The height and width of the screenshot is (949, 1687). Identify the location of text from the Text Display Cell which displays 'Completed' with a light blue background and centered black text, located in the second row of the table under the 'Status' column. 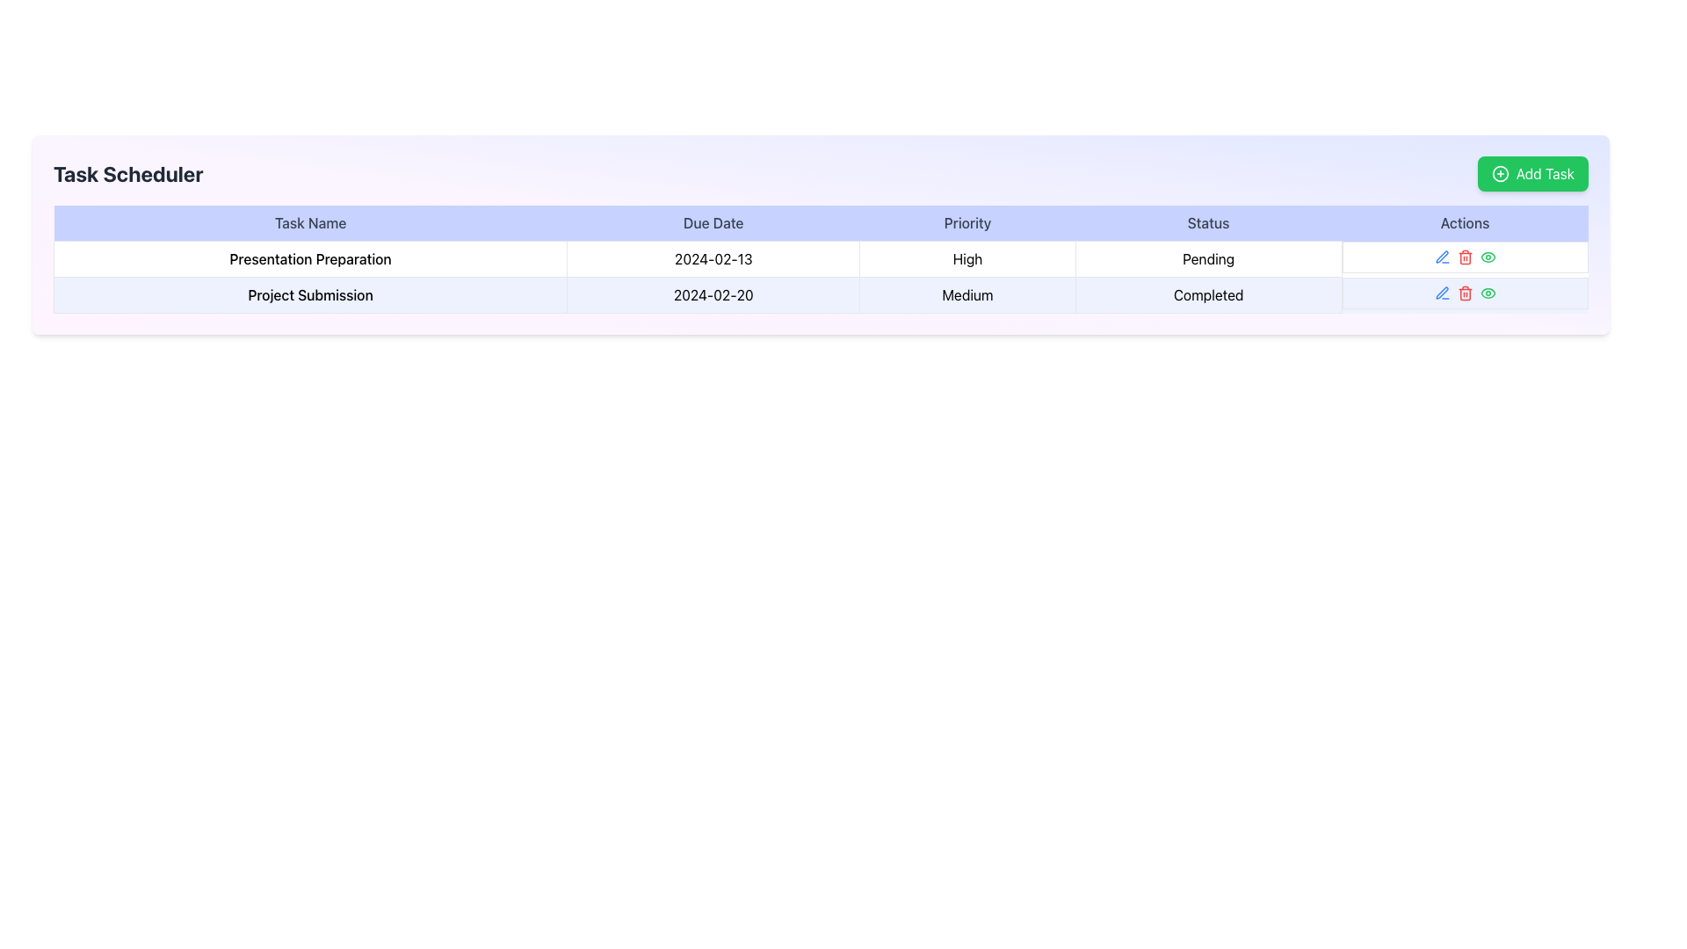
(1207, 293).